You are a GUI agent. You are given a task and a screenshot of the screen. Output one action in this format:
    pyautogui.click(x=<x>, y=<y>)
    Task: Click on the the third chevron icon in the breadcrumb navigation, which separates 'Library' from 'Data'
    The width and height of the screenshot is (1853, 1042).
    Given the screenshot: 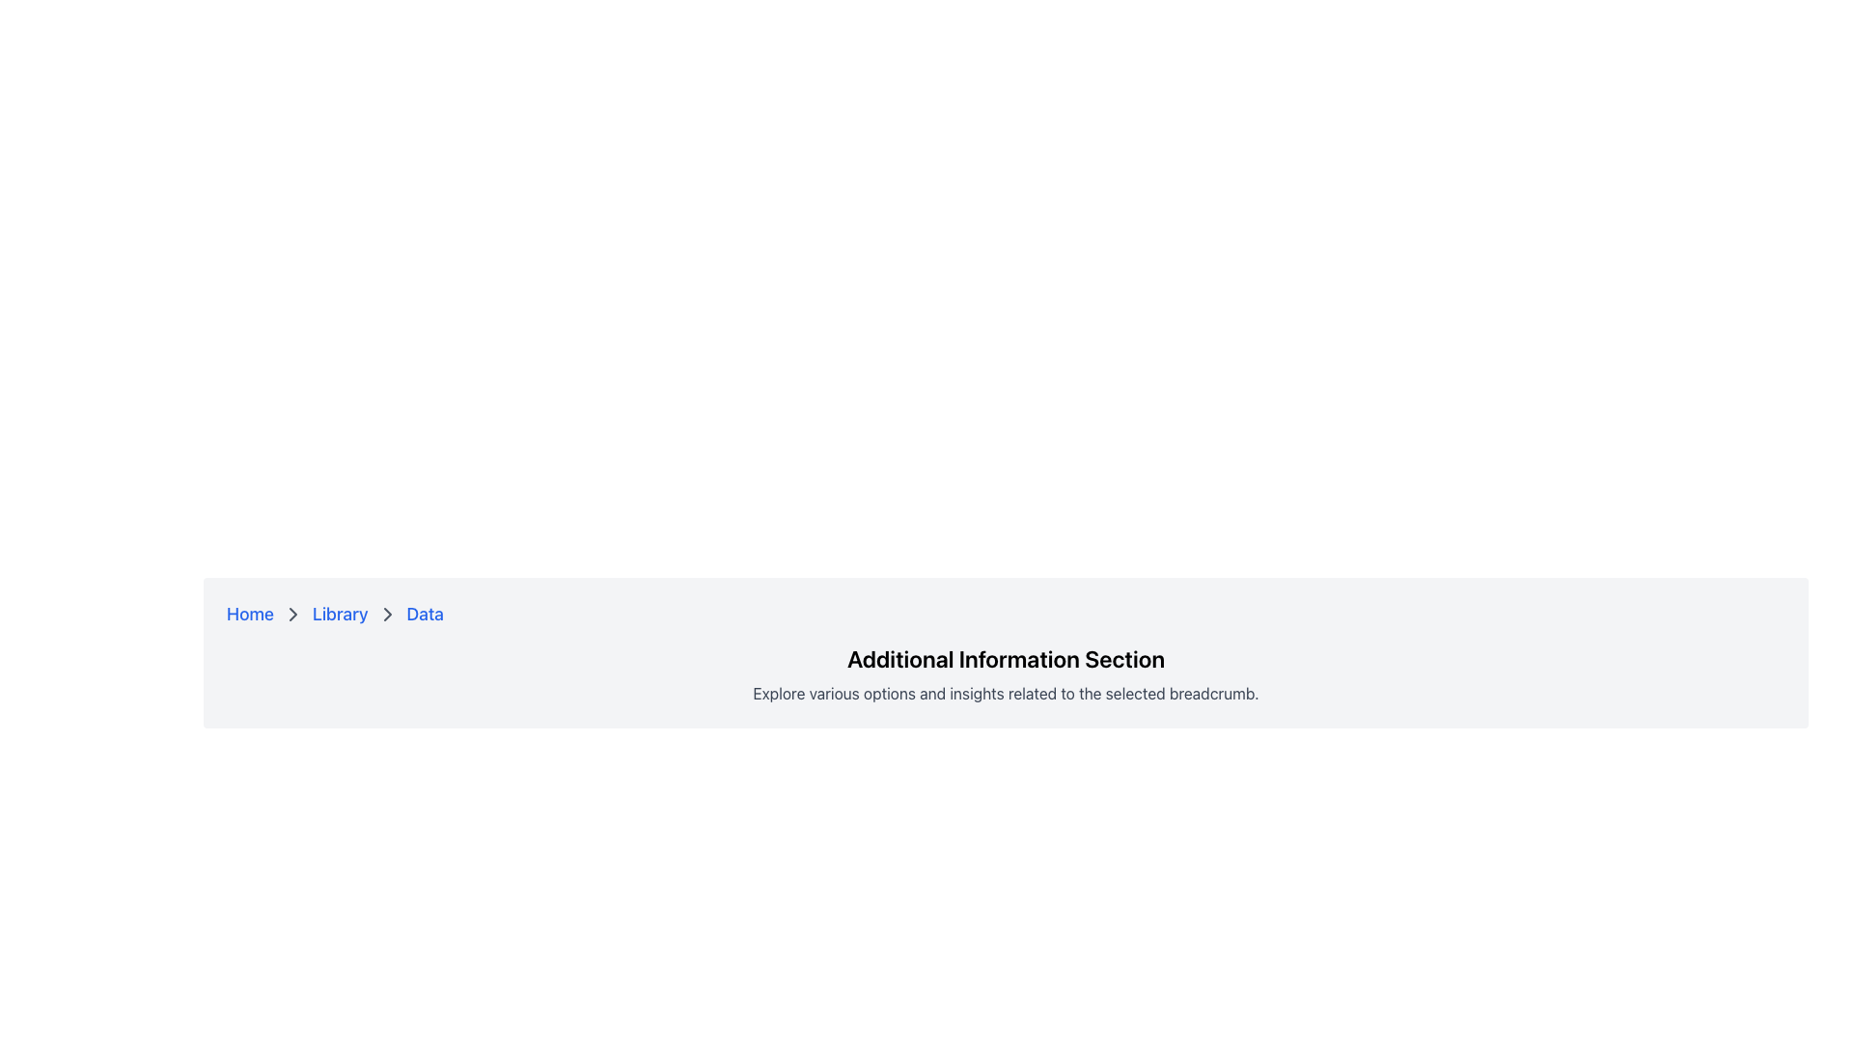 What is the action you would take?
    pyautogui.click(x=386, y=614)
    